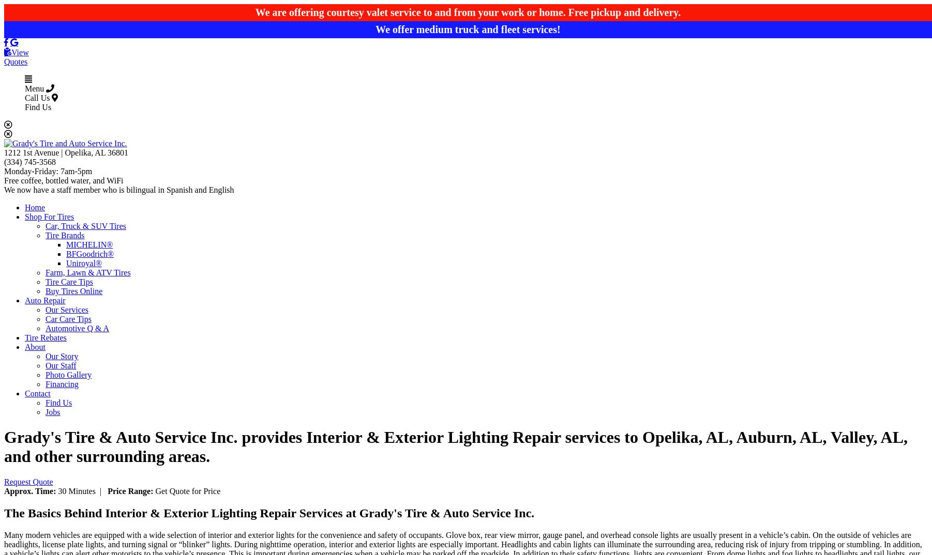 The width and height of the screenshot is (932, 555). What do you see at coordinates (44, 337) in the screenshot?
I see `'Tire Rebates'` at bounding box center [44, 337].